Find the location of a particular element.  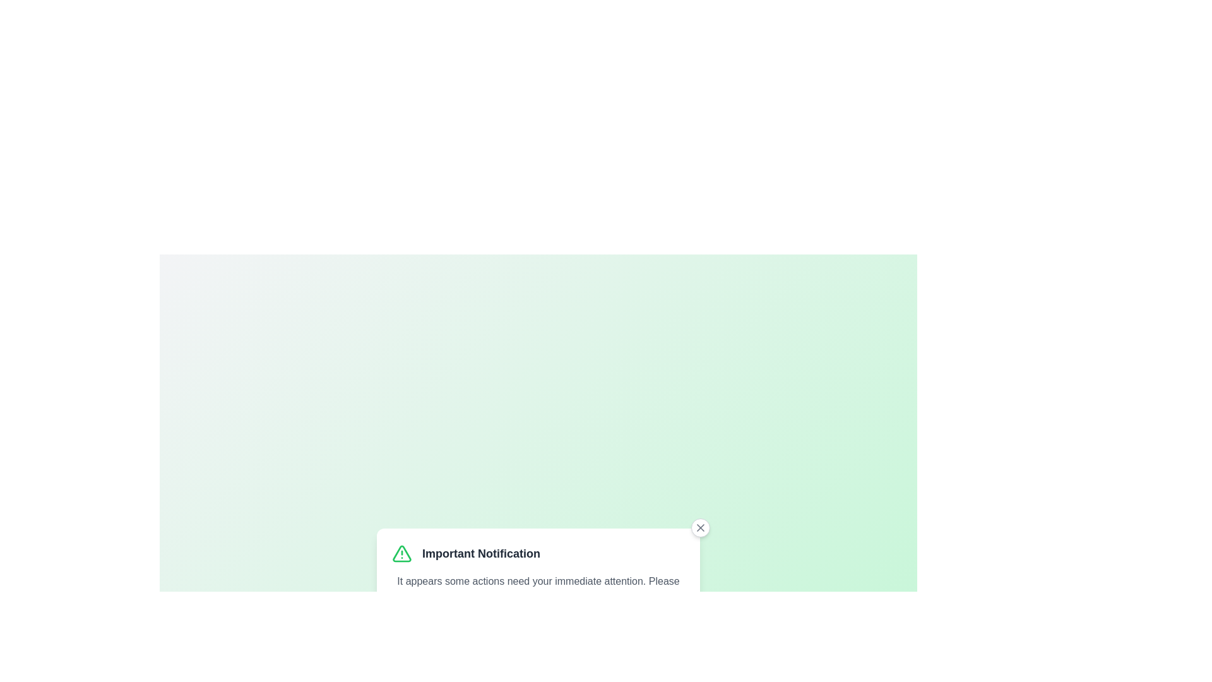

the close button to dismiss the notification is located at coordinates (699, 528).